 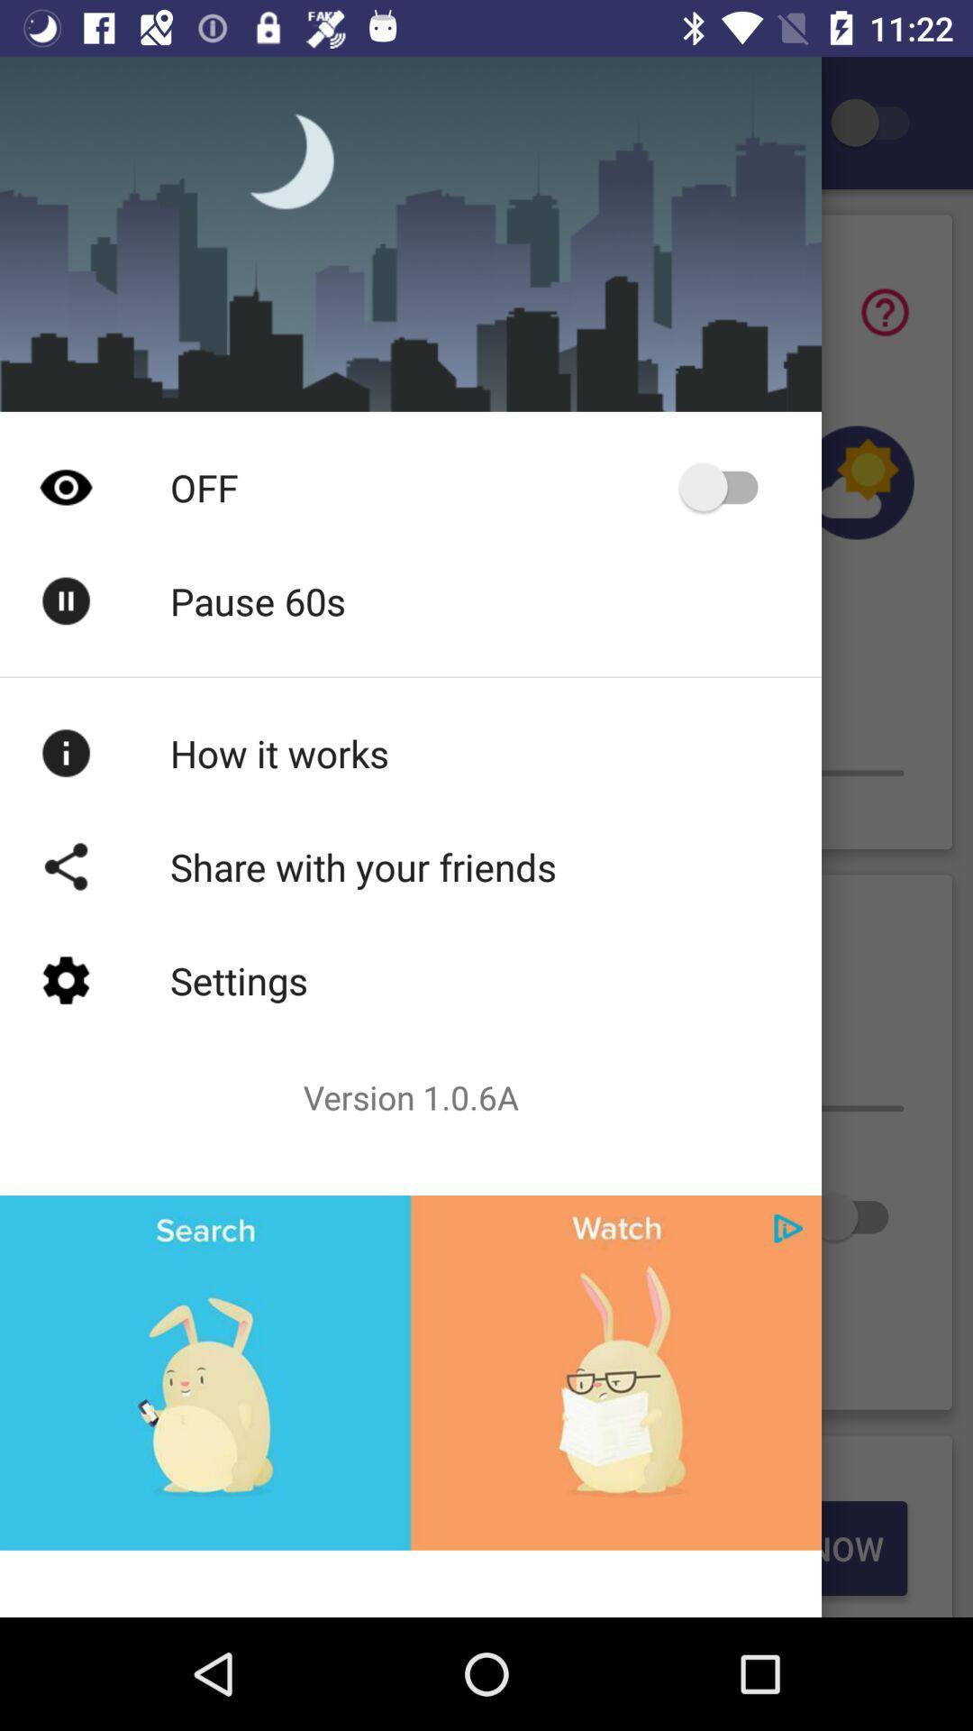 What do you see at coordinates (884, 312) in the screenshot?
I see `ask` at bounding box center [884, 312].